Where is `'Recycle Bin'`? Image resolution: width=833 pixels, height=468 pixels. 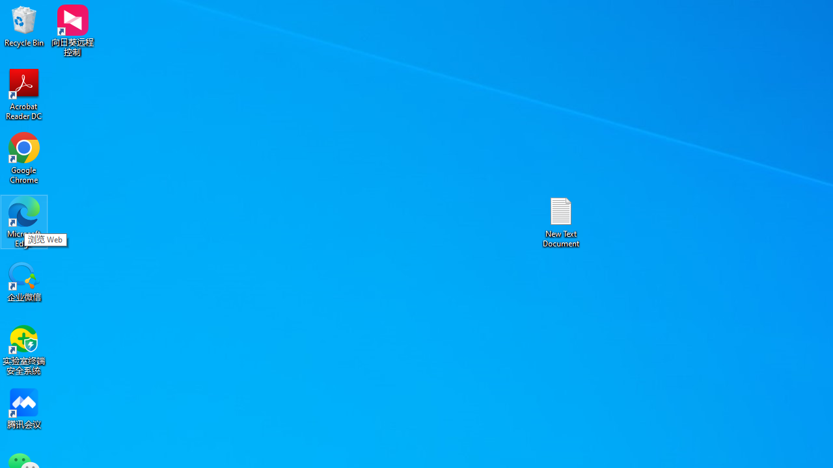
'Recycle Bin' is located at coordinates (24, 25).